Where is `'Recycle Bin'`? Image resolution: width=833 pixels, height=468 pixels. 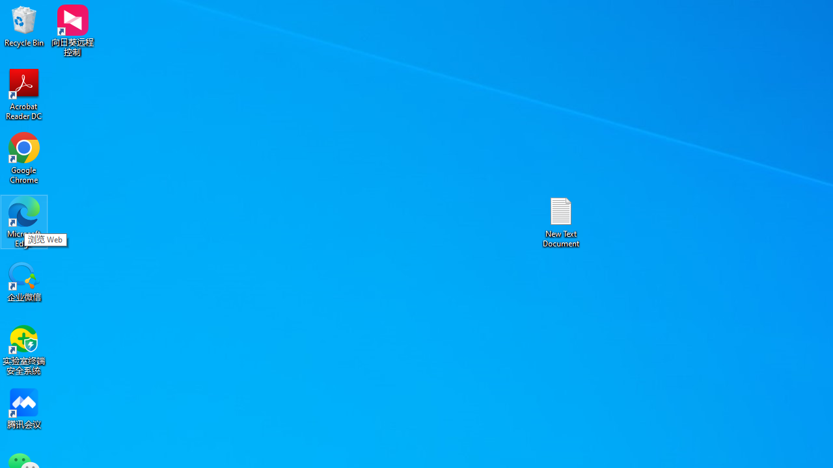
'Recycle Bin' is located at coordinates (24, 25).